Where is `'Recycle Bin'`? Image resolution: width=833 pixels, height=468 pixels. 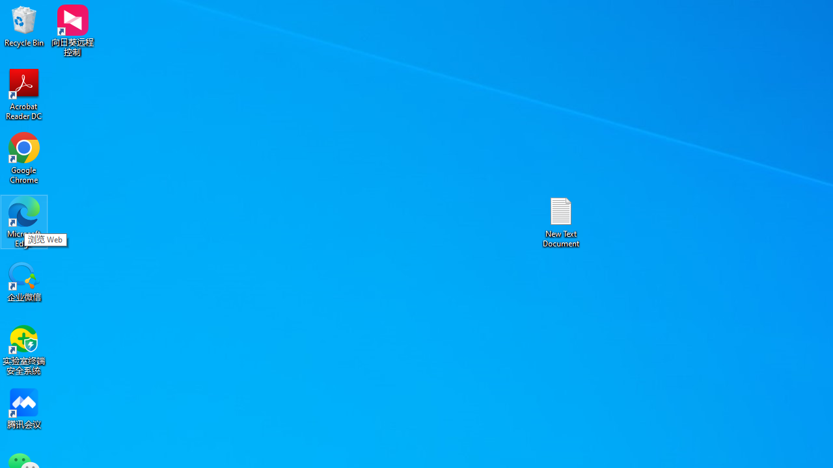
'Recycle Bin' is located at coordinates (24, 25).